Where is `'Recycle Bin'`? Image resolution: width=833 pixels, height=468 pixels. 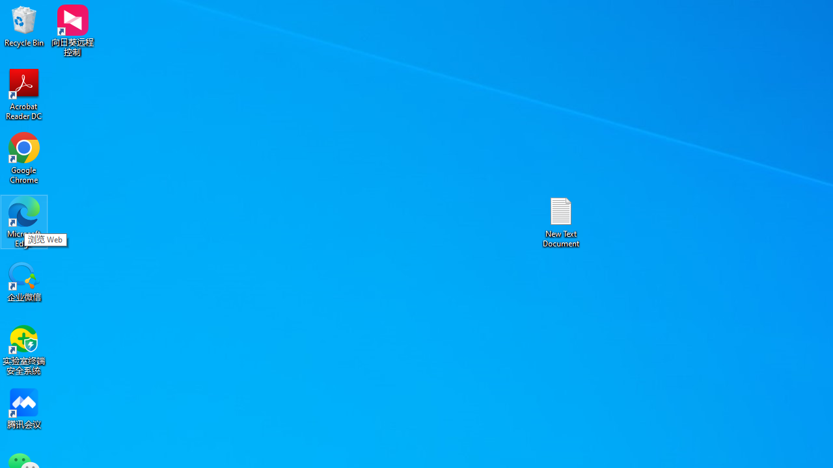
'Recycle Bin' is located at coordinates (24, 25).